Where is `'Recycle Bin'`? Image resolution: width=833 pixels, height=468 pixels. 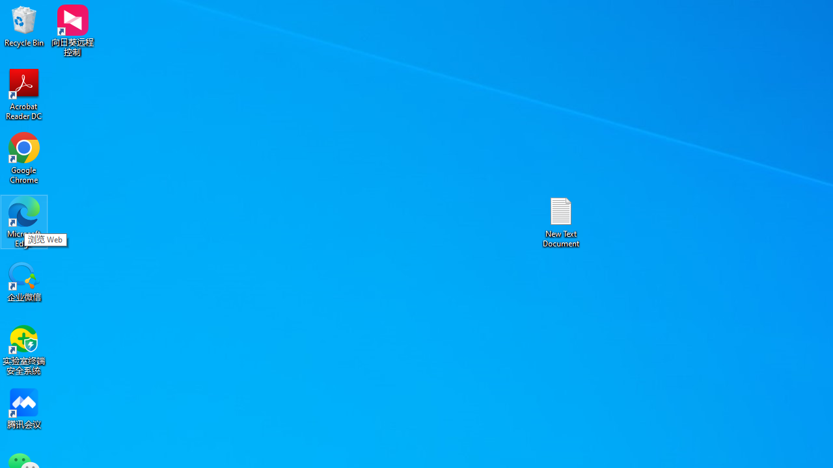
'Recycle Bin' is located at coordinates (24, 25).